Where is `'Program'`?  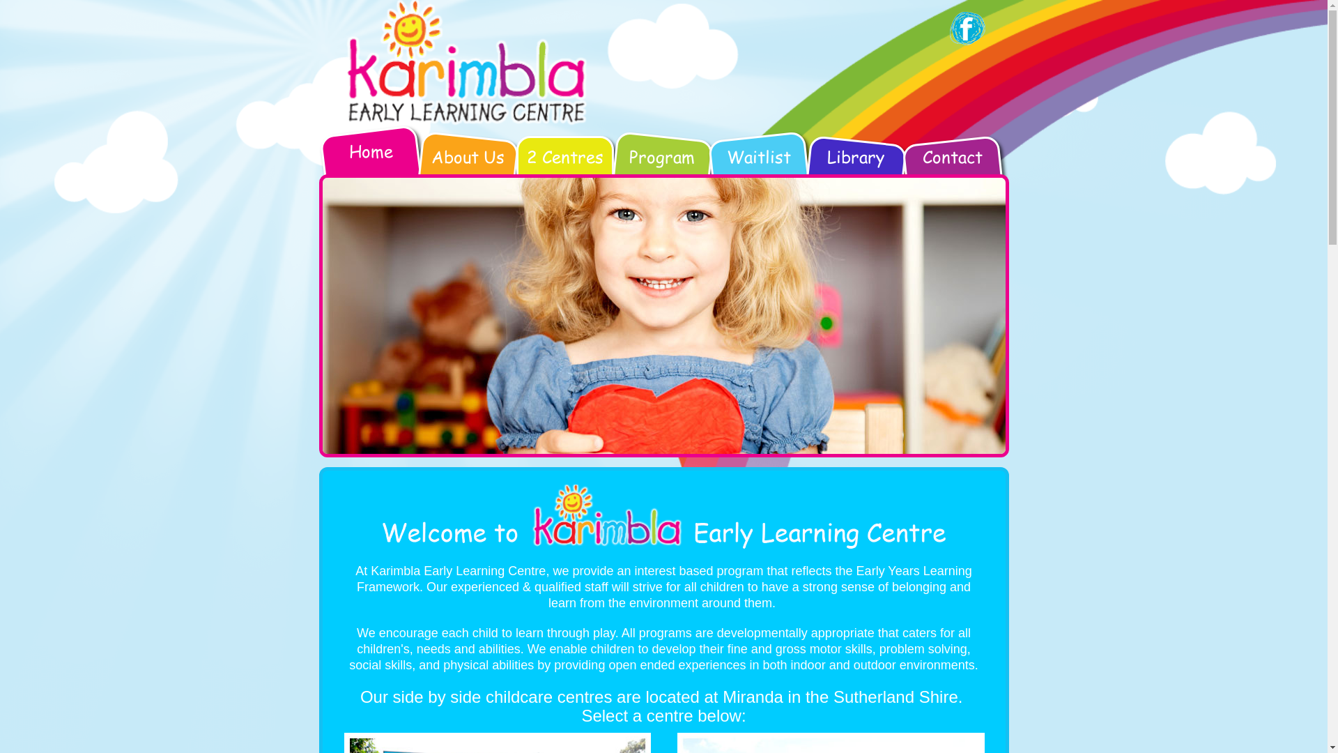
'Program' is located at coordinates (661, 165).